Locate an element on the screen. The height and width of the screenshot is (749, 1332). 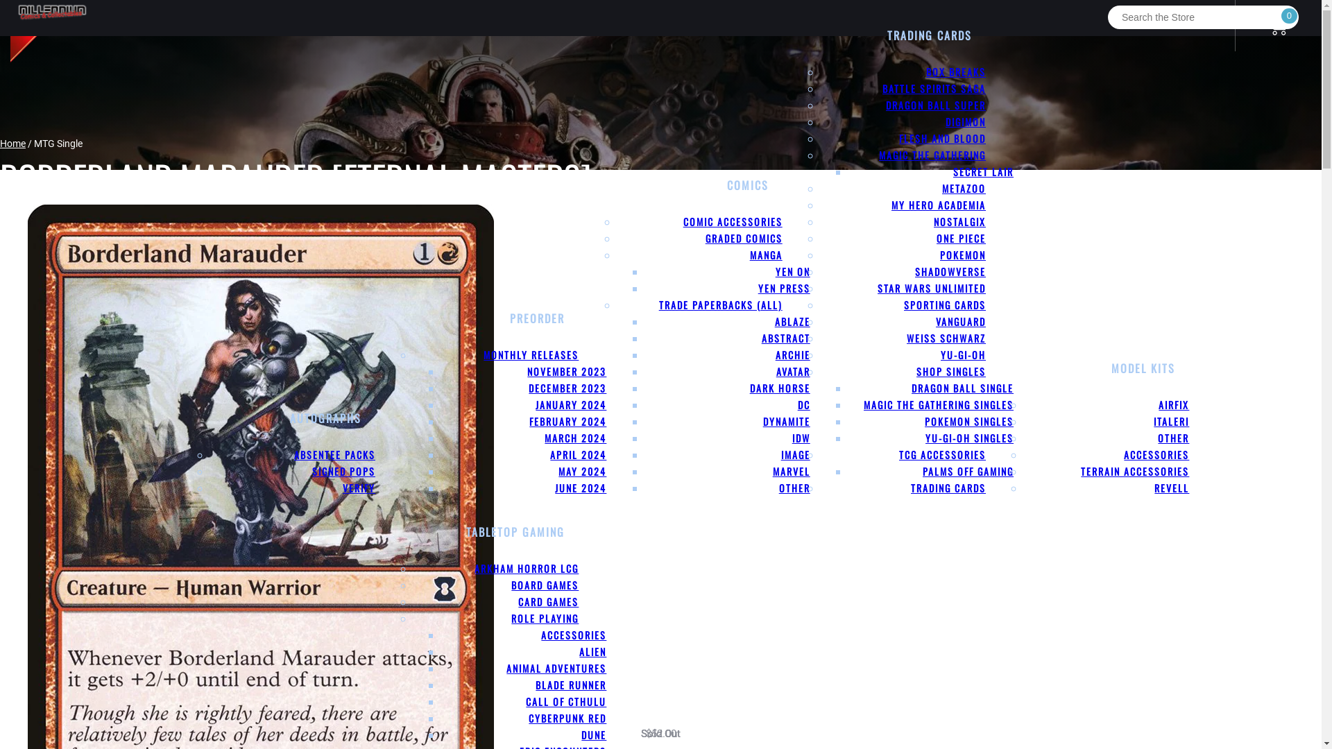
'DUNE' is located at coordinates (593, 734).